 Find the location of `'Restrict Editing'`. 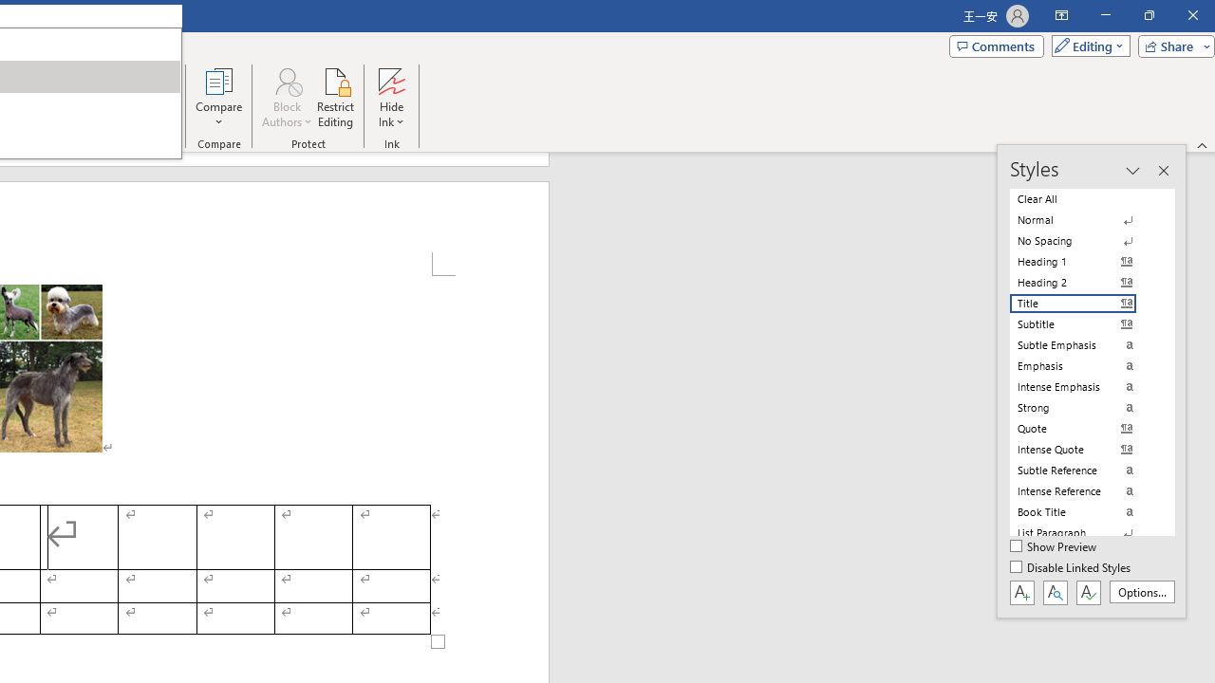

'Restrict Editing' is located at coordinates (335, 98).